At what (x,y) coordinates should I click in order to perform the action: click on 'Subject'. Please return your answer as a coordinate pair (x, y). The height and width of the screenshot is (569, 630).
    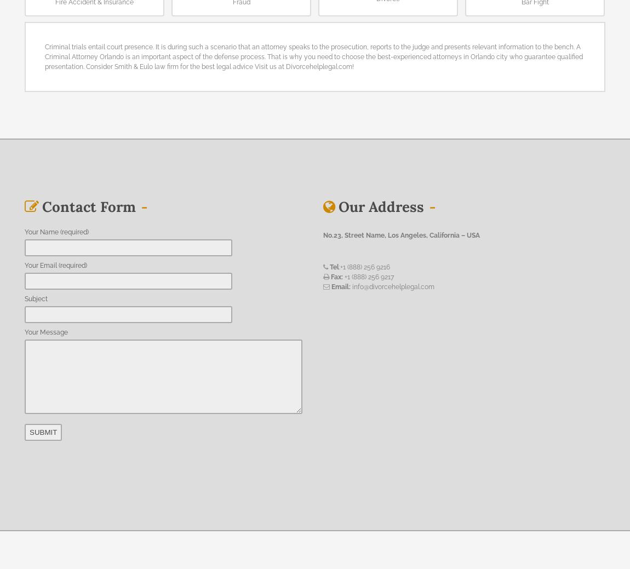
    Looking at the image, I should click on (36, 298).